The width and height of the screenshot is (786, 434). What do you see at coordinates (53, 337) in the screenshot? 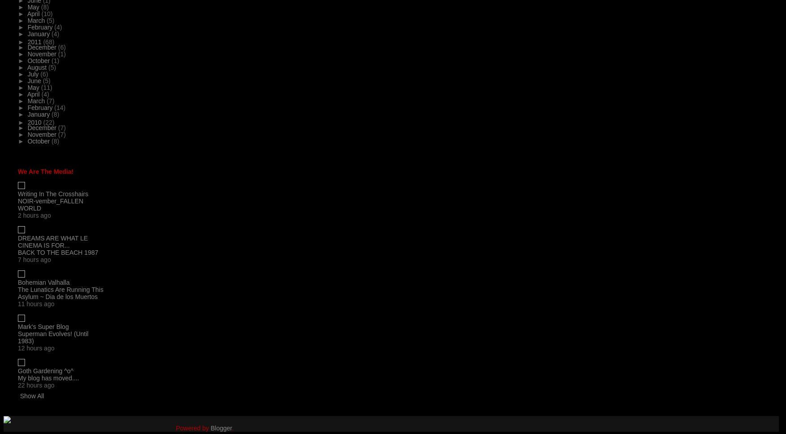
I see `'Superman Evolves! (Until 1983)'` at bounding box center [53, 337].